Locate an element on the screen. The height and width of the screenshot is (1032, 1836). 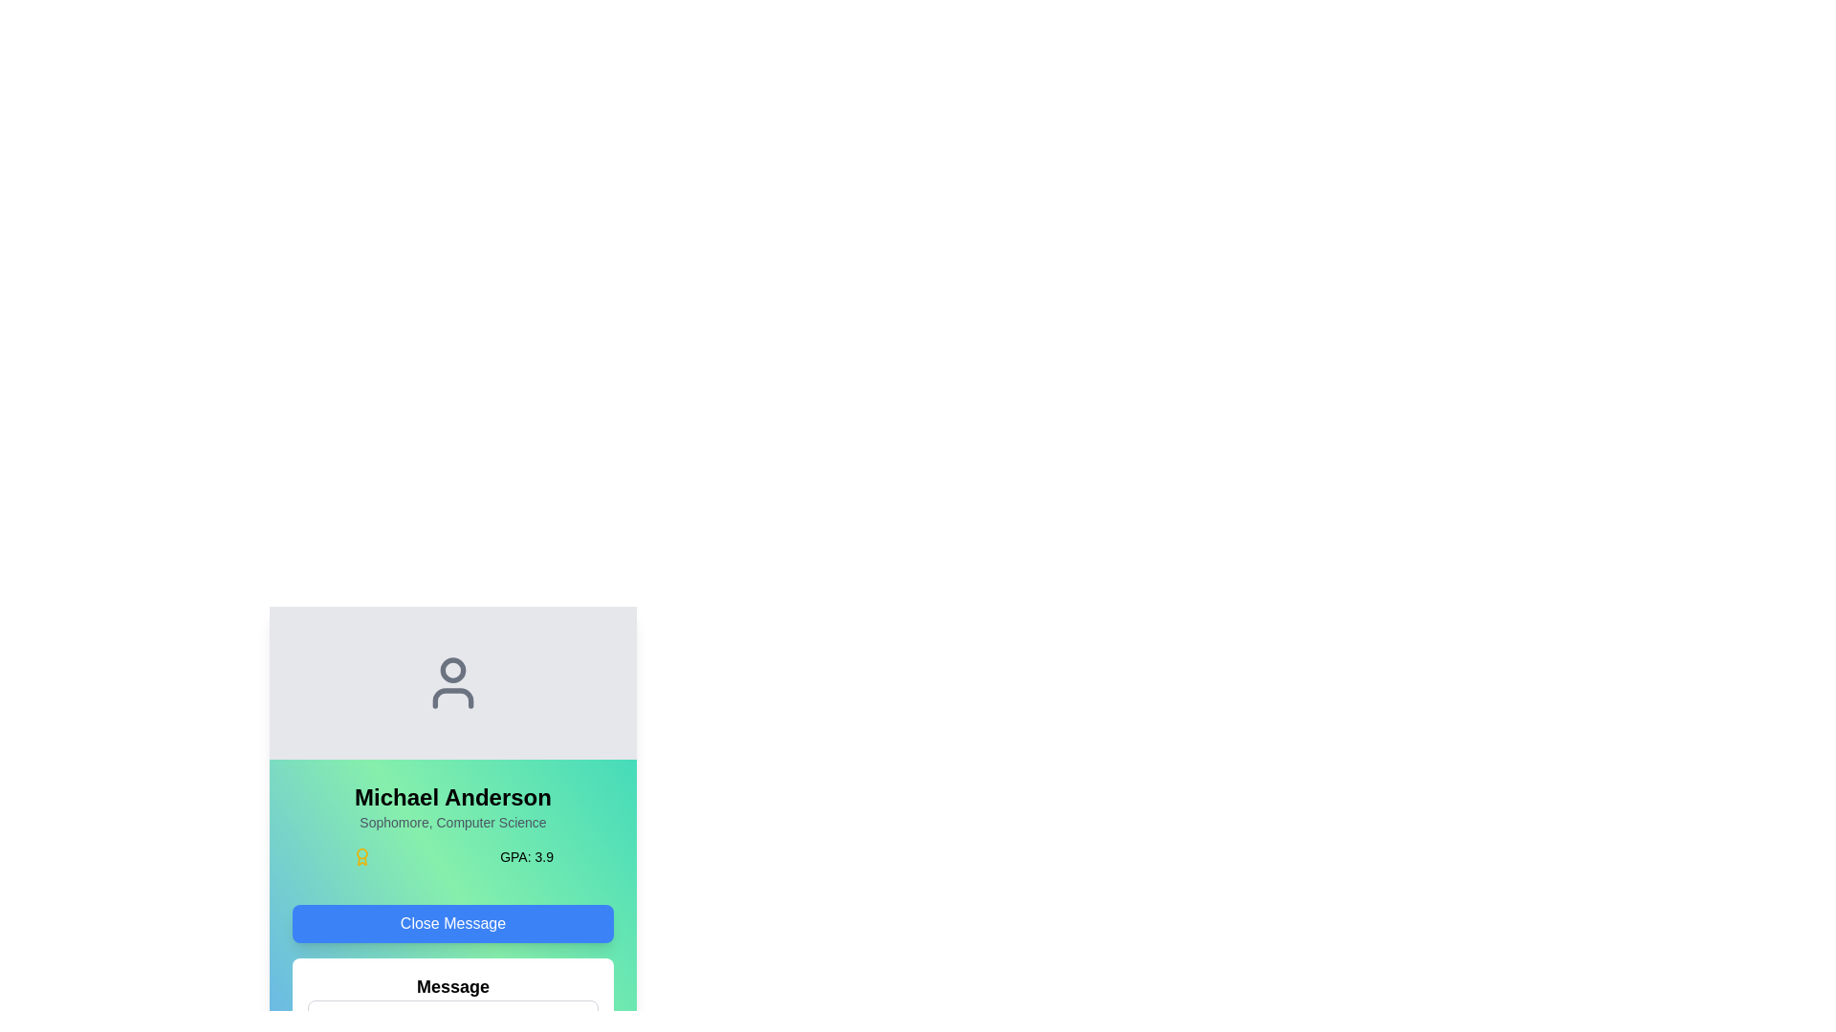
the lower boundary of the user avatar icon representing Michael Anderson, which visually completes the depiction of a person is located at coordinates (452, 699).